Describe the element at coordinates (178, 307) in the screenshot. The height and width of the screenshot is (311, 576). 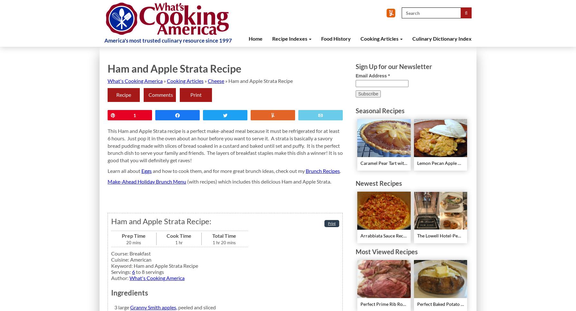
I see `'peeled and sliced'` at that location.